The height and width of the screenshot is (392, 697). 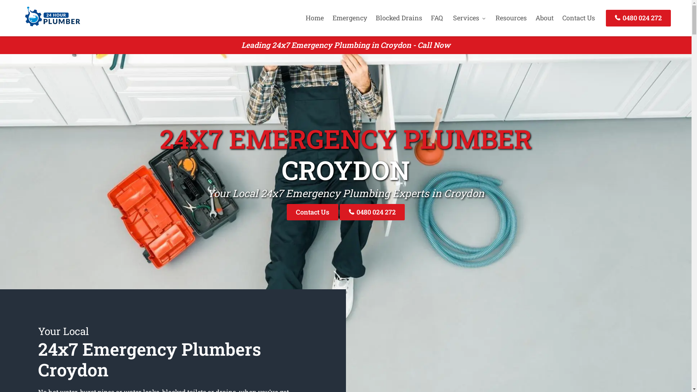 What do you see at coordinates (544, 17) in the screenshot?
I see `'About'` at bounding box center [544, 17].